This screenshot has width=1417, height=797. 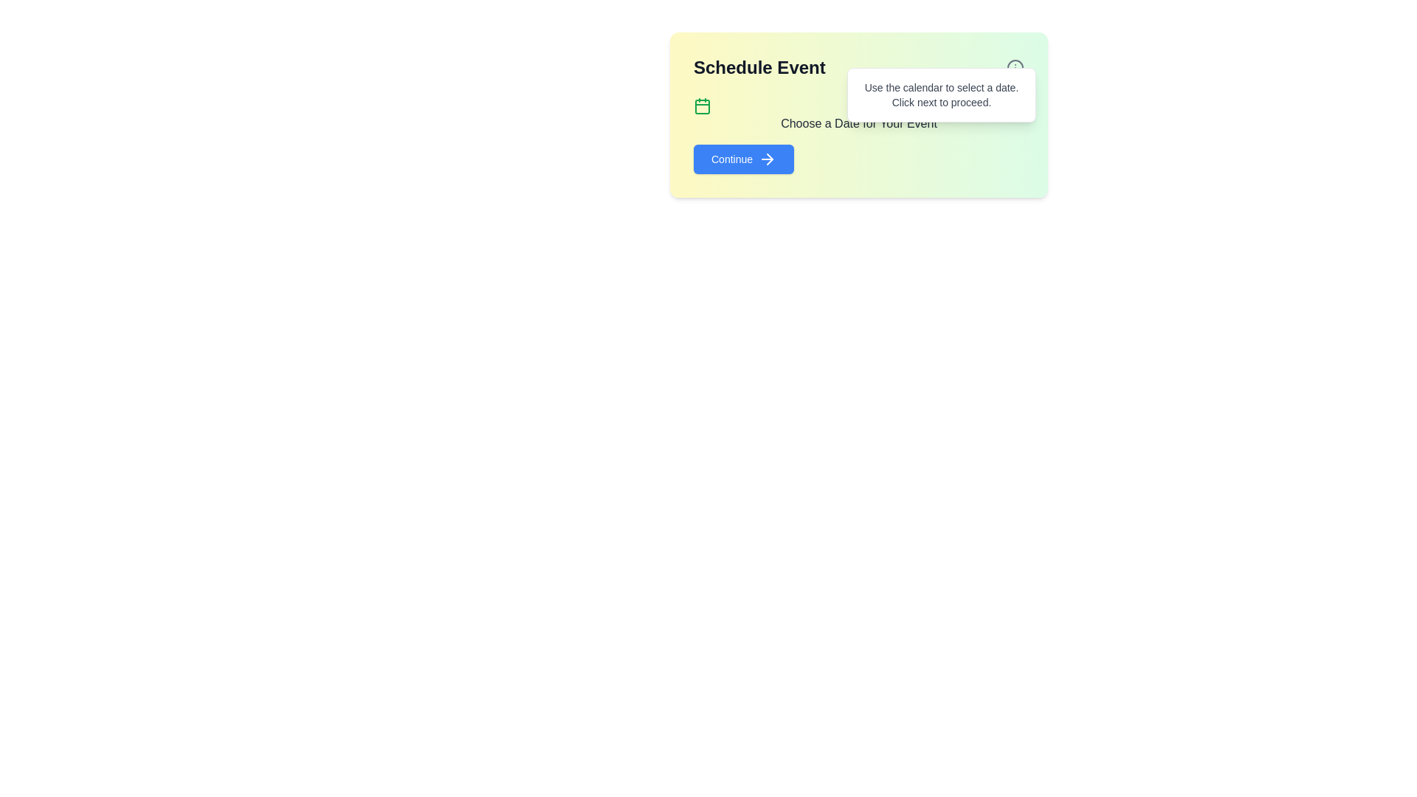 I want to click on the right-pointing arrow icon within the 'Continue' button located at the bottom left corner of the card containing the text 'Schedule Event', so click(x=768, y=159).